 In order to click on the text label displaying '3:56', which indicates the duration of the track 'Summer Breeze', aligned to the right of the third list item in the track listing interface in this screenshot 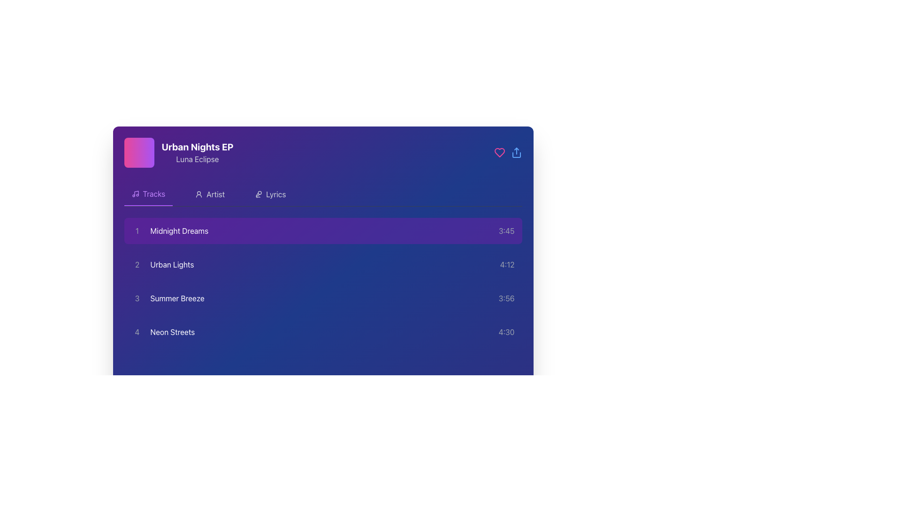, I will do `click(506, 298)`.